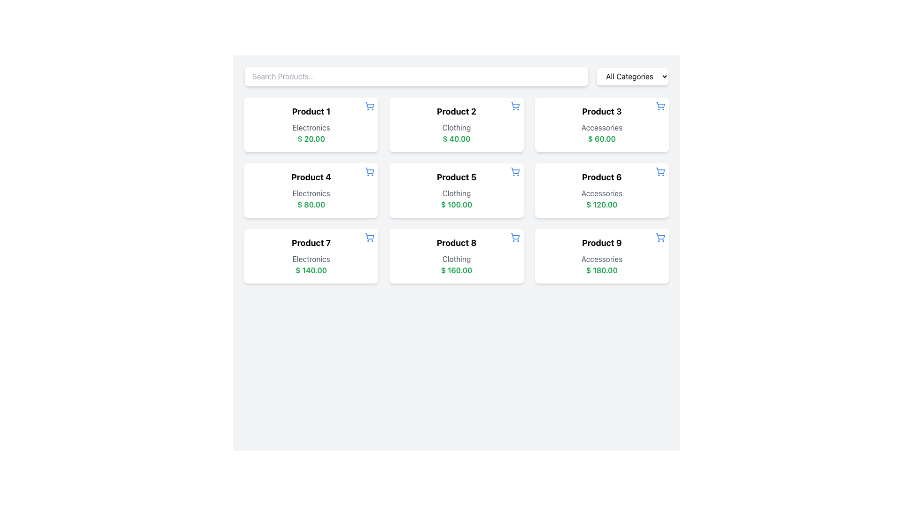 The width and height of the screenshot is (902, 507). I want to click on the Product card located in the third position of the first row, so click(602, 124).